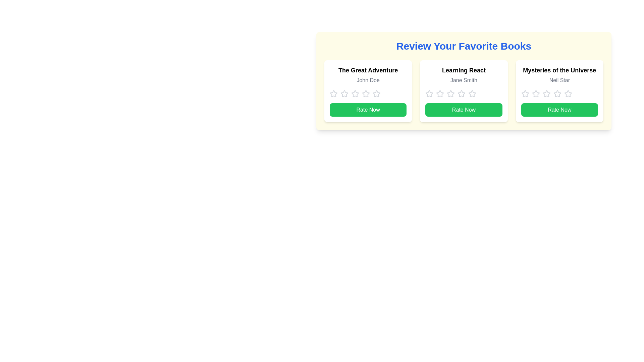 This screenshot has height=362, width=644. Describe the element at coordinates (559, 70) in the screenshot. I see `the text label that serves as the title of the card, which reads 'Mysteries of the Universe', located at the top section of the rightmost card among three cards` at that location.